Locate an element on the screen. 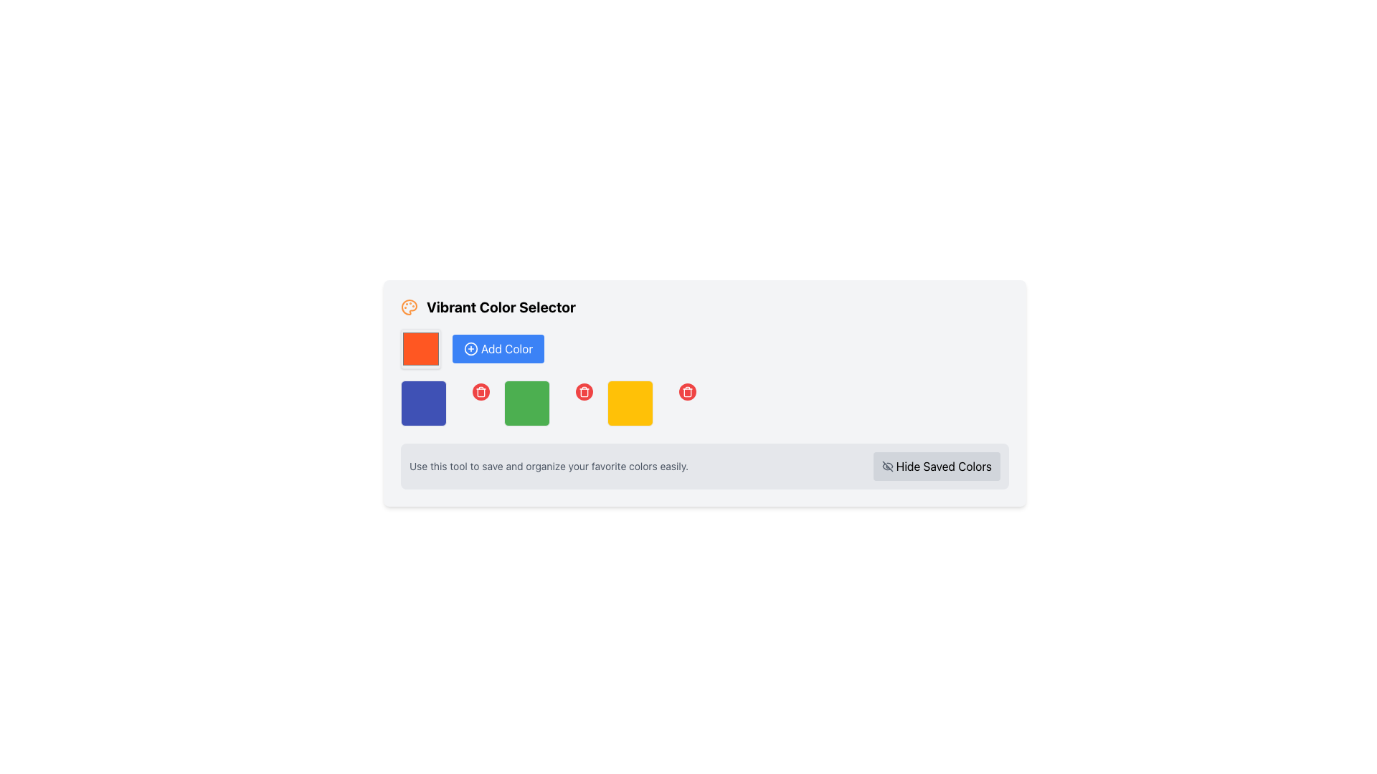  the green colored block swatch, which is the third in a row of color swatches, to remove it is located at coordinates (526, 403).